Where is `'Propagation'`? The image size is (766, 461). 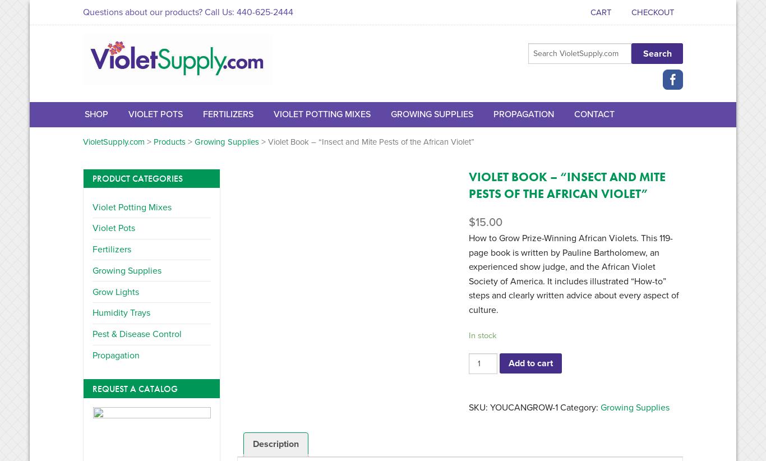
'Propagation' is located at coordinates (115, 356).